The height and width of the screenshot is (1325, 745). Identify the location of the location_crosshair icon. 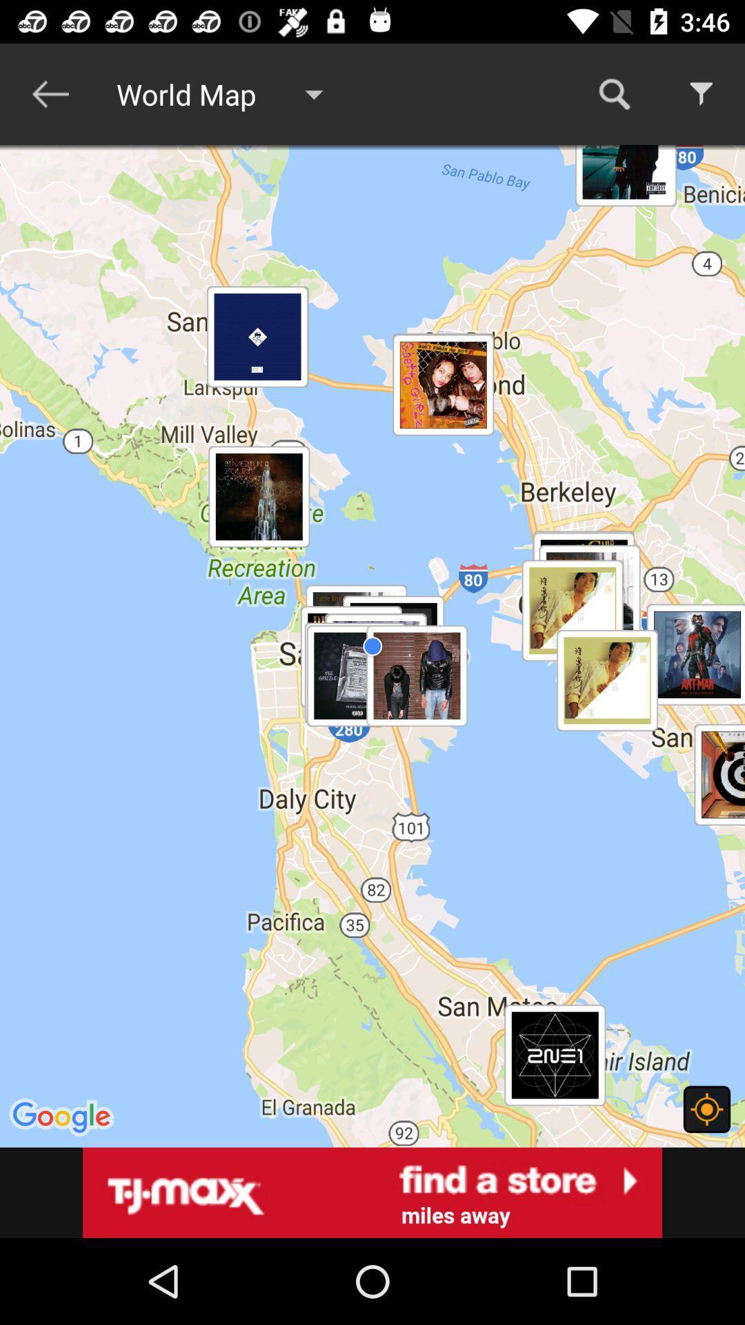
(706, 1109).